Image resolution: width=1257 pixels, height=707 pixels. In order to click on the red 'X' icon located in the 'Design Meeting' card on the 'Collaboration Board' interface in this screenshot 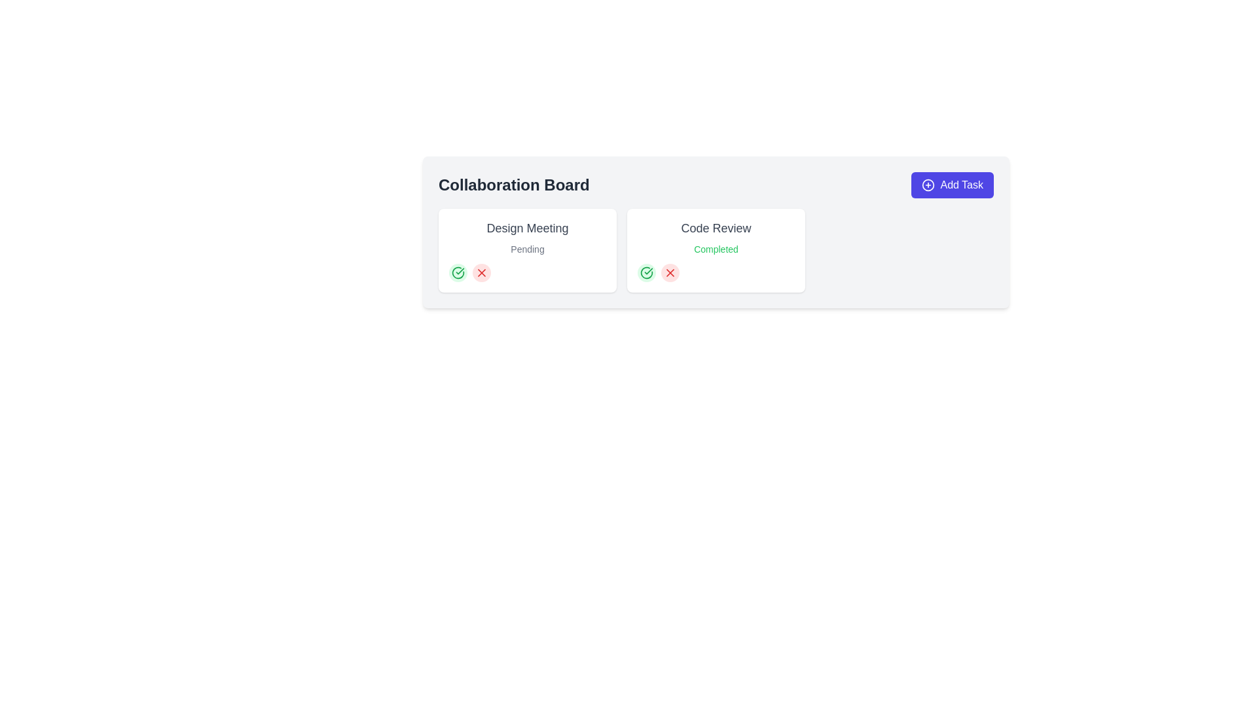, I will do `click(481, 272)`.